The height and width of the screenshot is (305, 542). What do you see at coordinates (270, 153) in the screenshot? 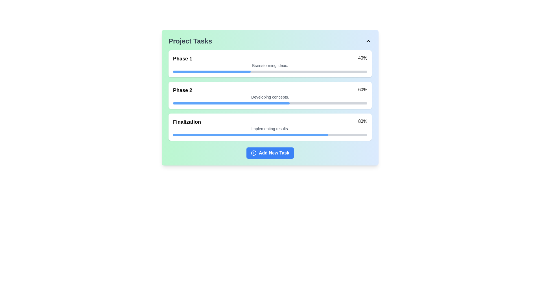
I see `the rectangular button with a blue background and white text reading 'Add New Task'` at bounding box center [270, 153].